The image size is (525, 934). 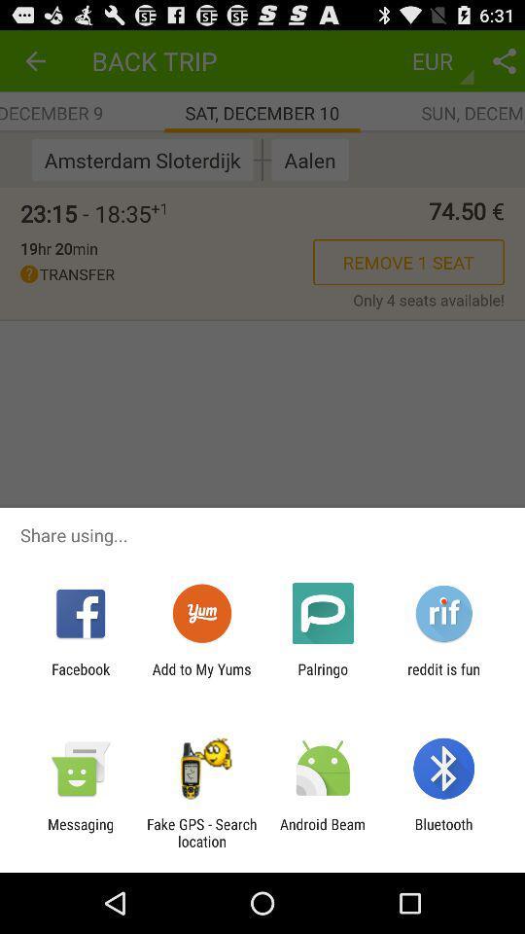 What do you see at coordinates (443, 677) in the screenshot?
I see `reddit is fun` at bounding box center [443, 677].